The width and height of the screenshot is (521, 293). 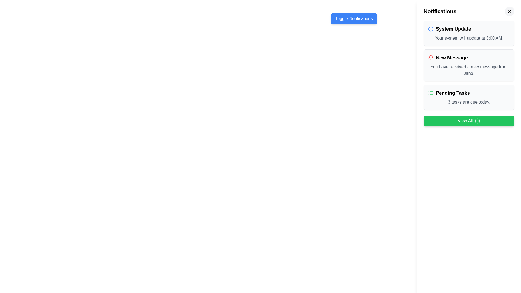 What do you see at coordinates (509, 11) in the screenshot?
I see `the Close button icon located in the top-right corner of the notification panel to observe the hover effect` at bounding box center [509, 11].